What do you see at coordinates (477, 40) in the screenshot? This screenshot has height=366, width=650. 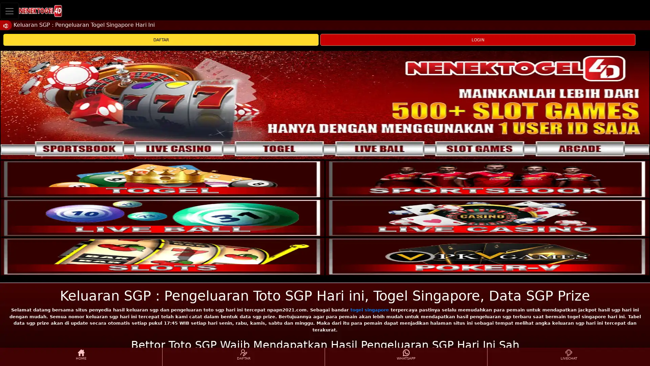 I see `LOGIN` at bounding box center [477, 40].